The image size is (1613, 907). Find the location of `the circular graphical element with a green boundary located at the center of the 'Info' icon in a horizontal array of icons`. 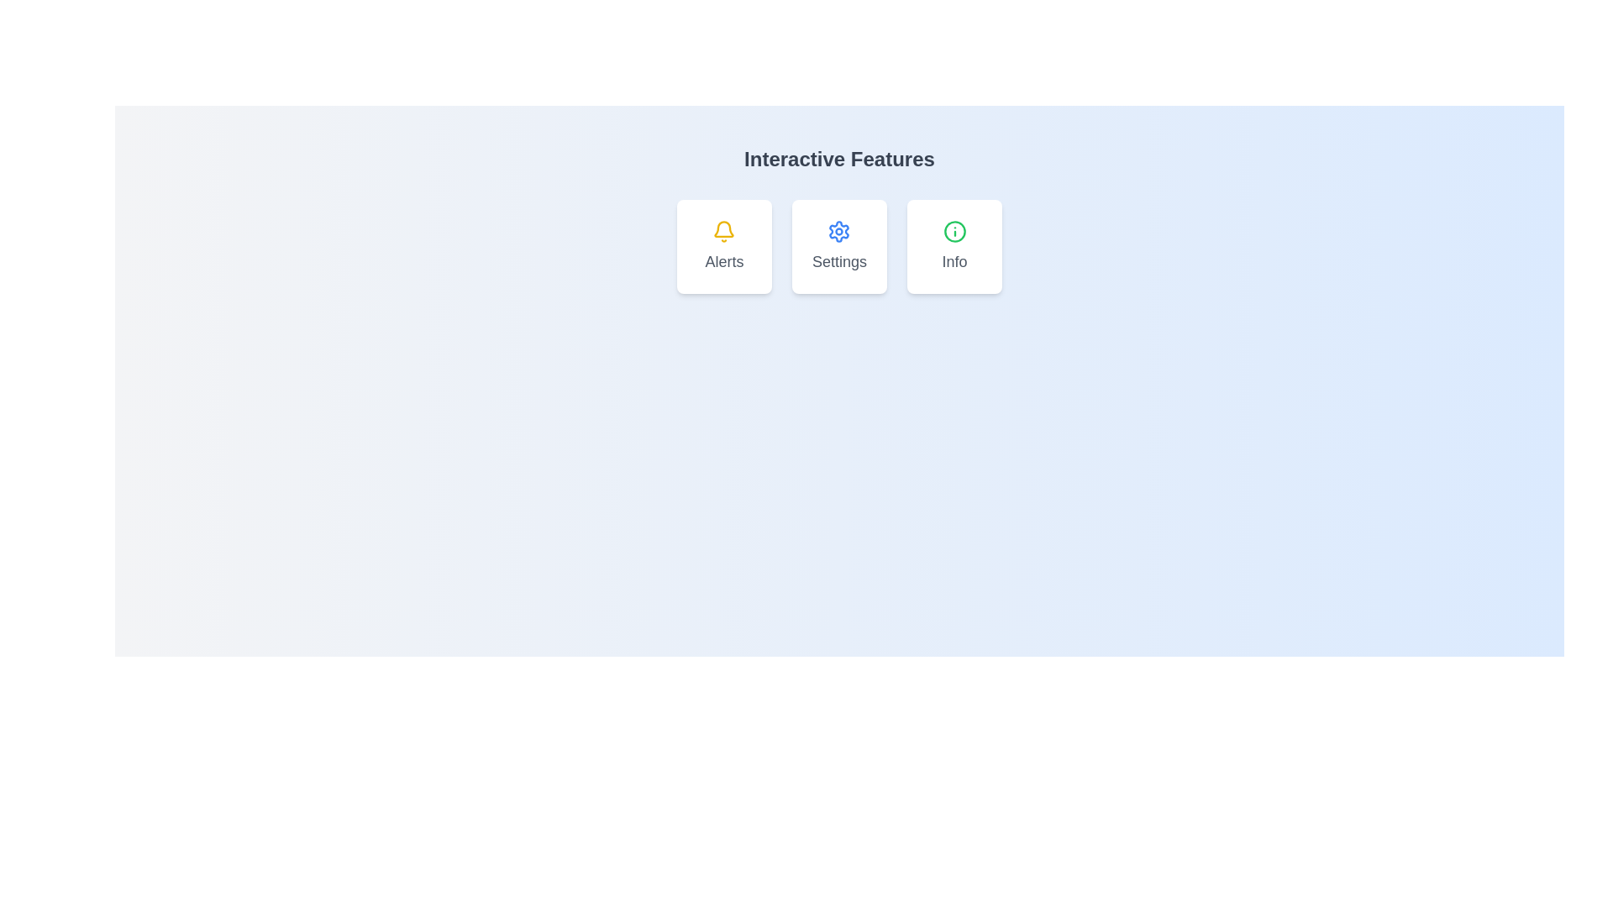

the circular graphical element with a green boundary located at the center of the 'Info' icon in a horizontal array of icons is located at coordinates (954, 232).